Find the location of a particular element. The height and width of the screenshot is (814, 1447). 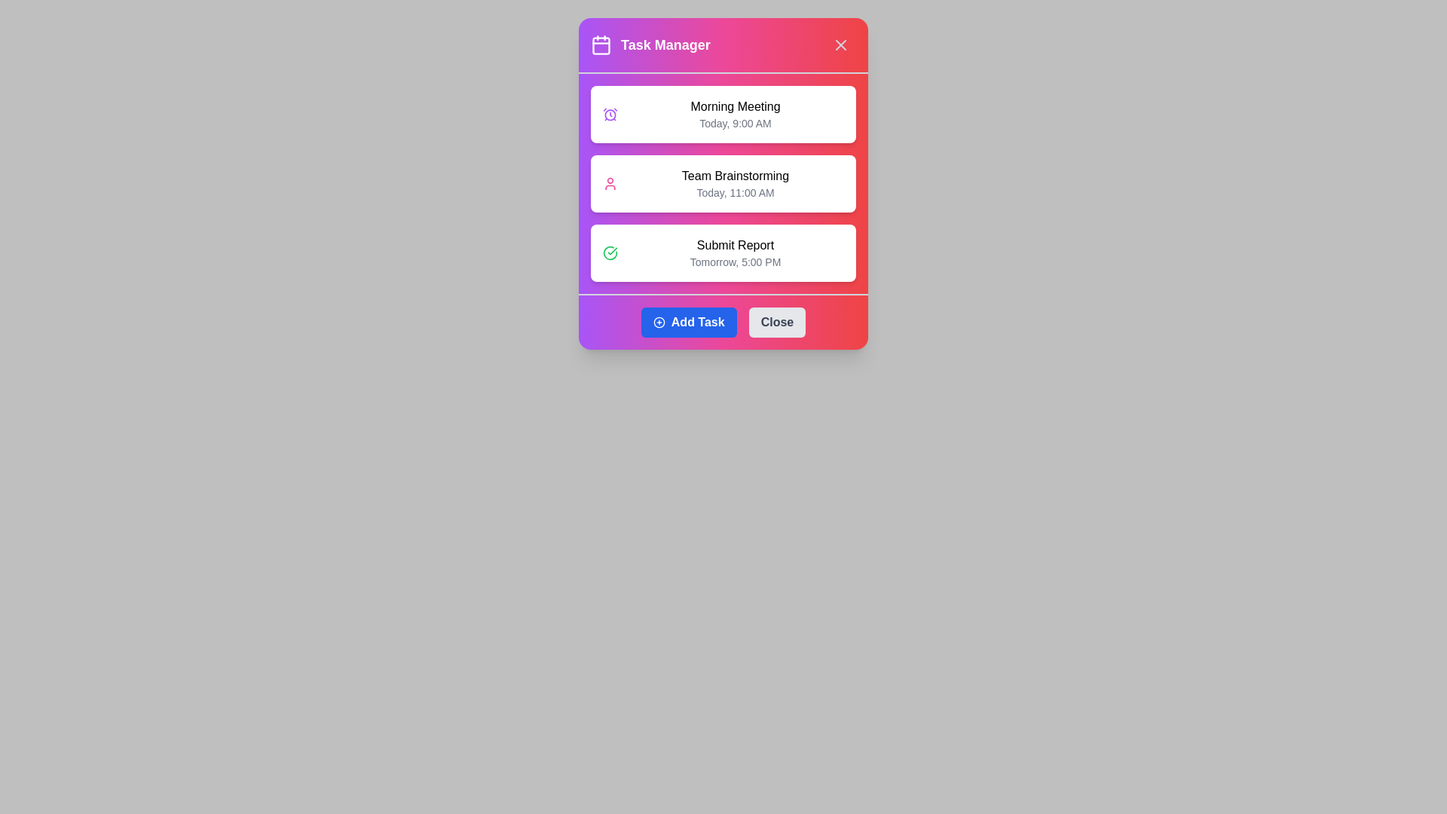

the second Task card component in the task list, which displays the title and scheduled time of a specific task or event is located at coordinates (723, 182).